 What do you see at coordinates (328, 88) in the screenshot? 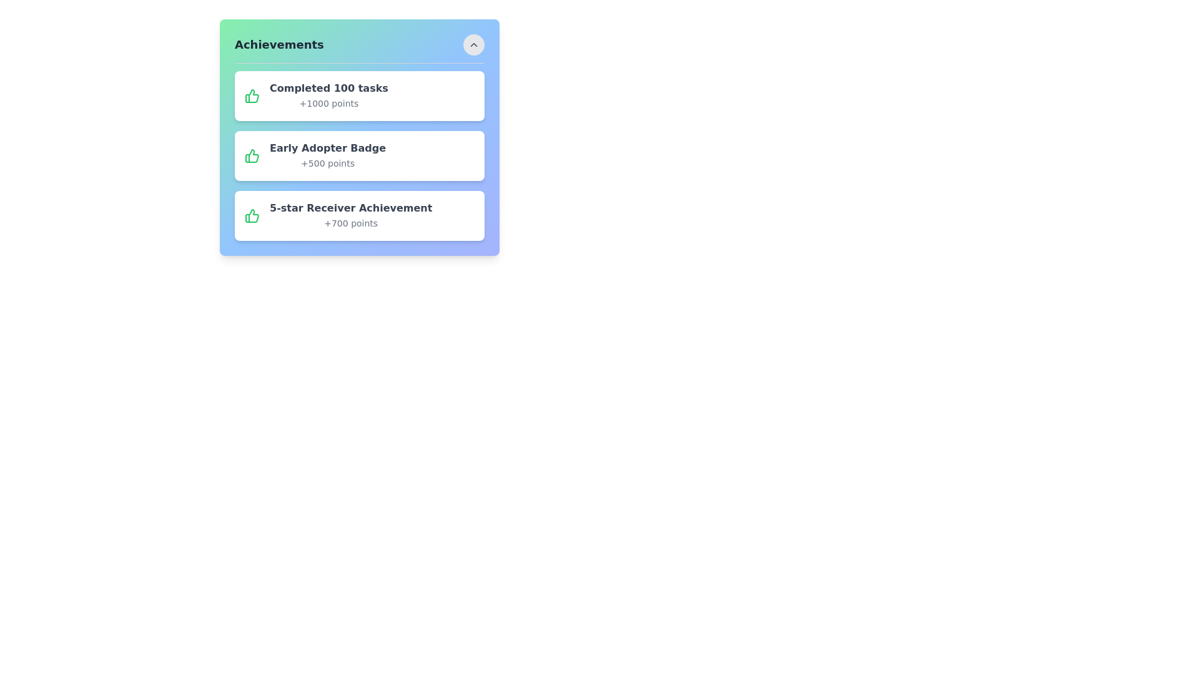
I see `the static text label displaying 'Completed 100 tasks', which is prominently styled in bold medium-dark gray and positioned at the top of the achievements block` at bounding box center [328, 88].